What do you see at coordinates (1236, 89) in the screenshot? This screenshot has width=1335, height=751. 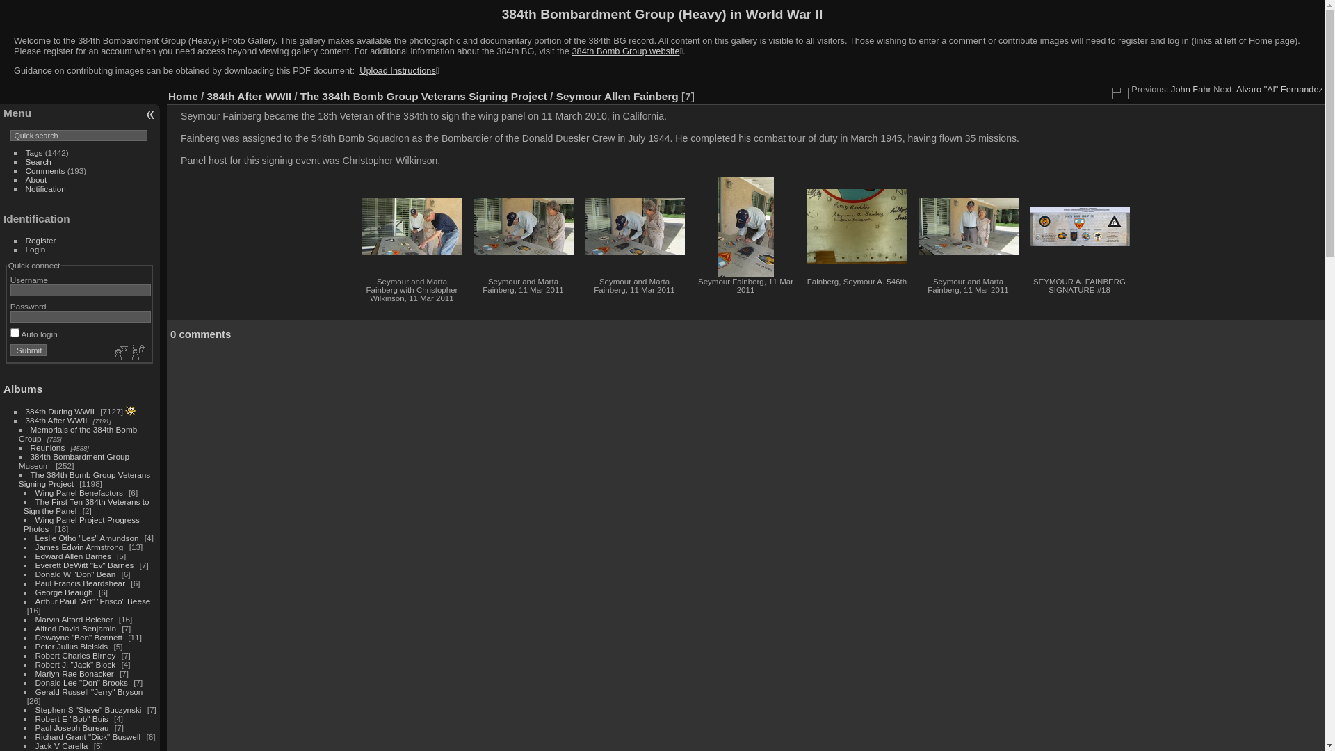 I see `'Alvaro "Al" Fernandez'` at bounding box center [1236, 89].